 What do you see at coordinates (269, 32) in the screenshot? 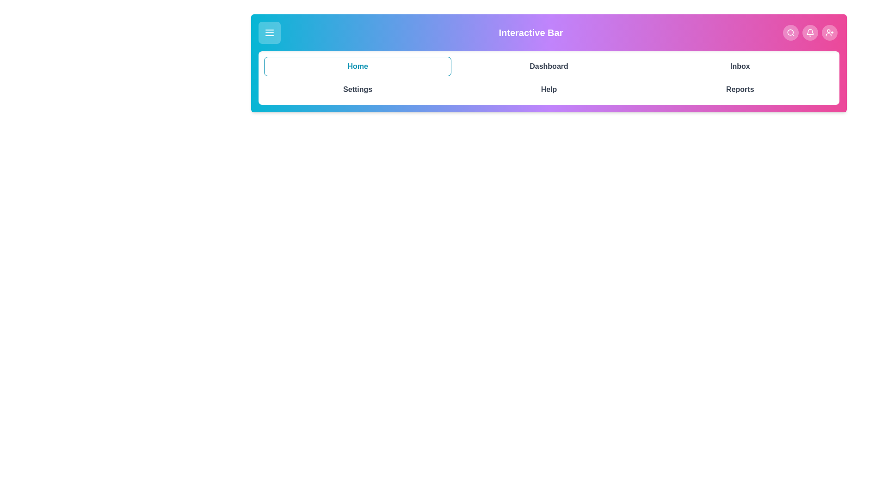
I see `menu toggle button to expand or collapse the menu` at bounding box center [269, 32].